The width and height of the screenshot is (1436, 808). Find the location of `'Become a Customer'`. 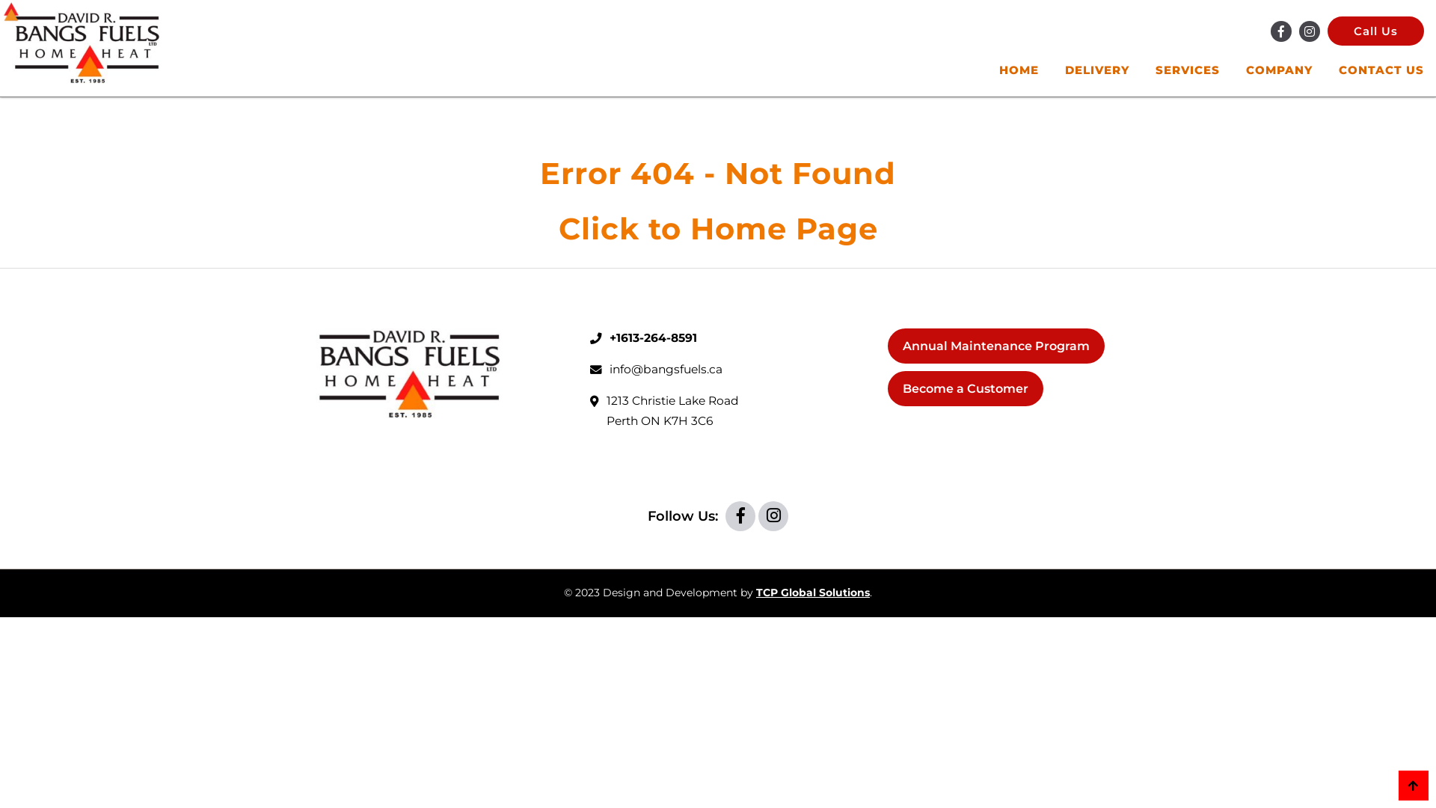

'Become a Customer' is located at coordinates (966, 388).